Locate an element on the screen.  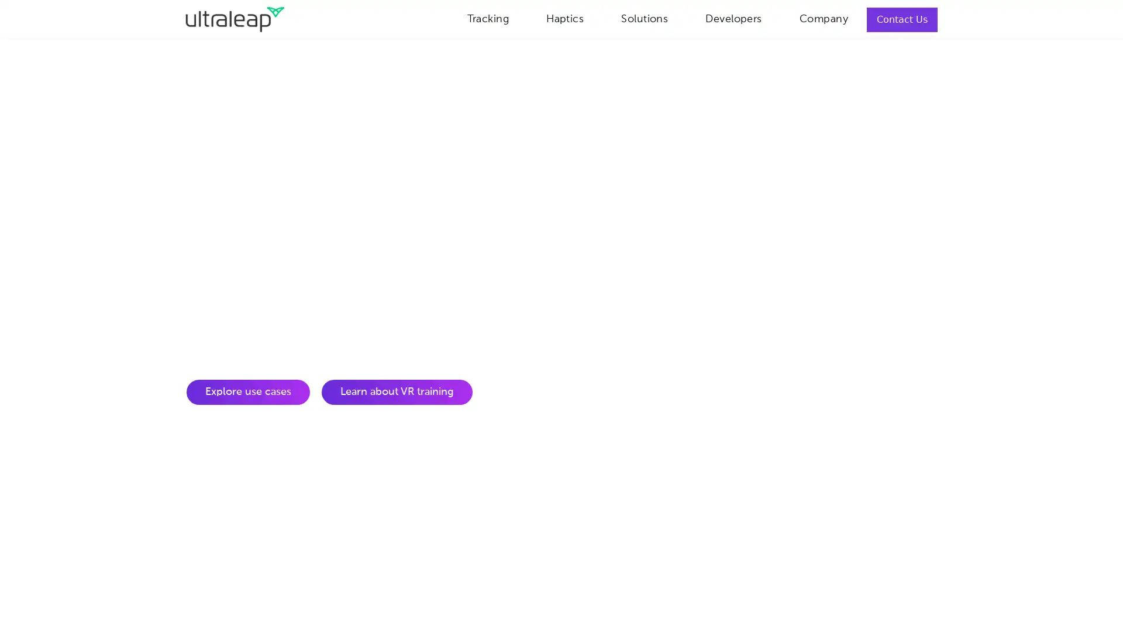
Toggle submenu is located at coordinates (775, 18).